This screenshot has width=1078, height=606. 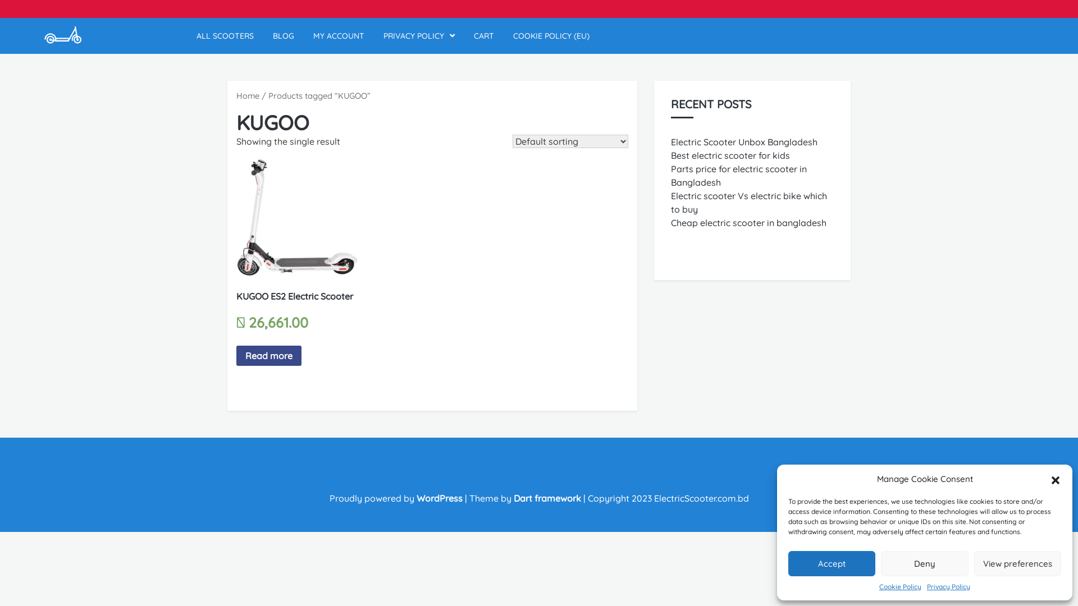 What do you see at coordinates (744, 141) in the screenshot?
I see `'Electric Scooter Unbox Bangladesh'` at bounding box center [744, 141].